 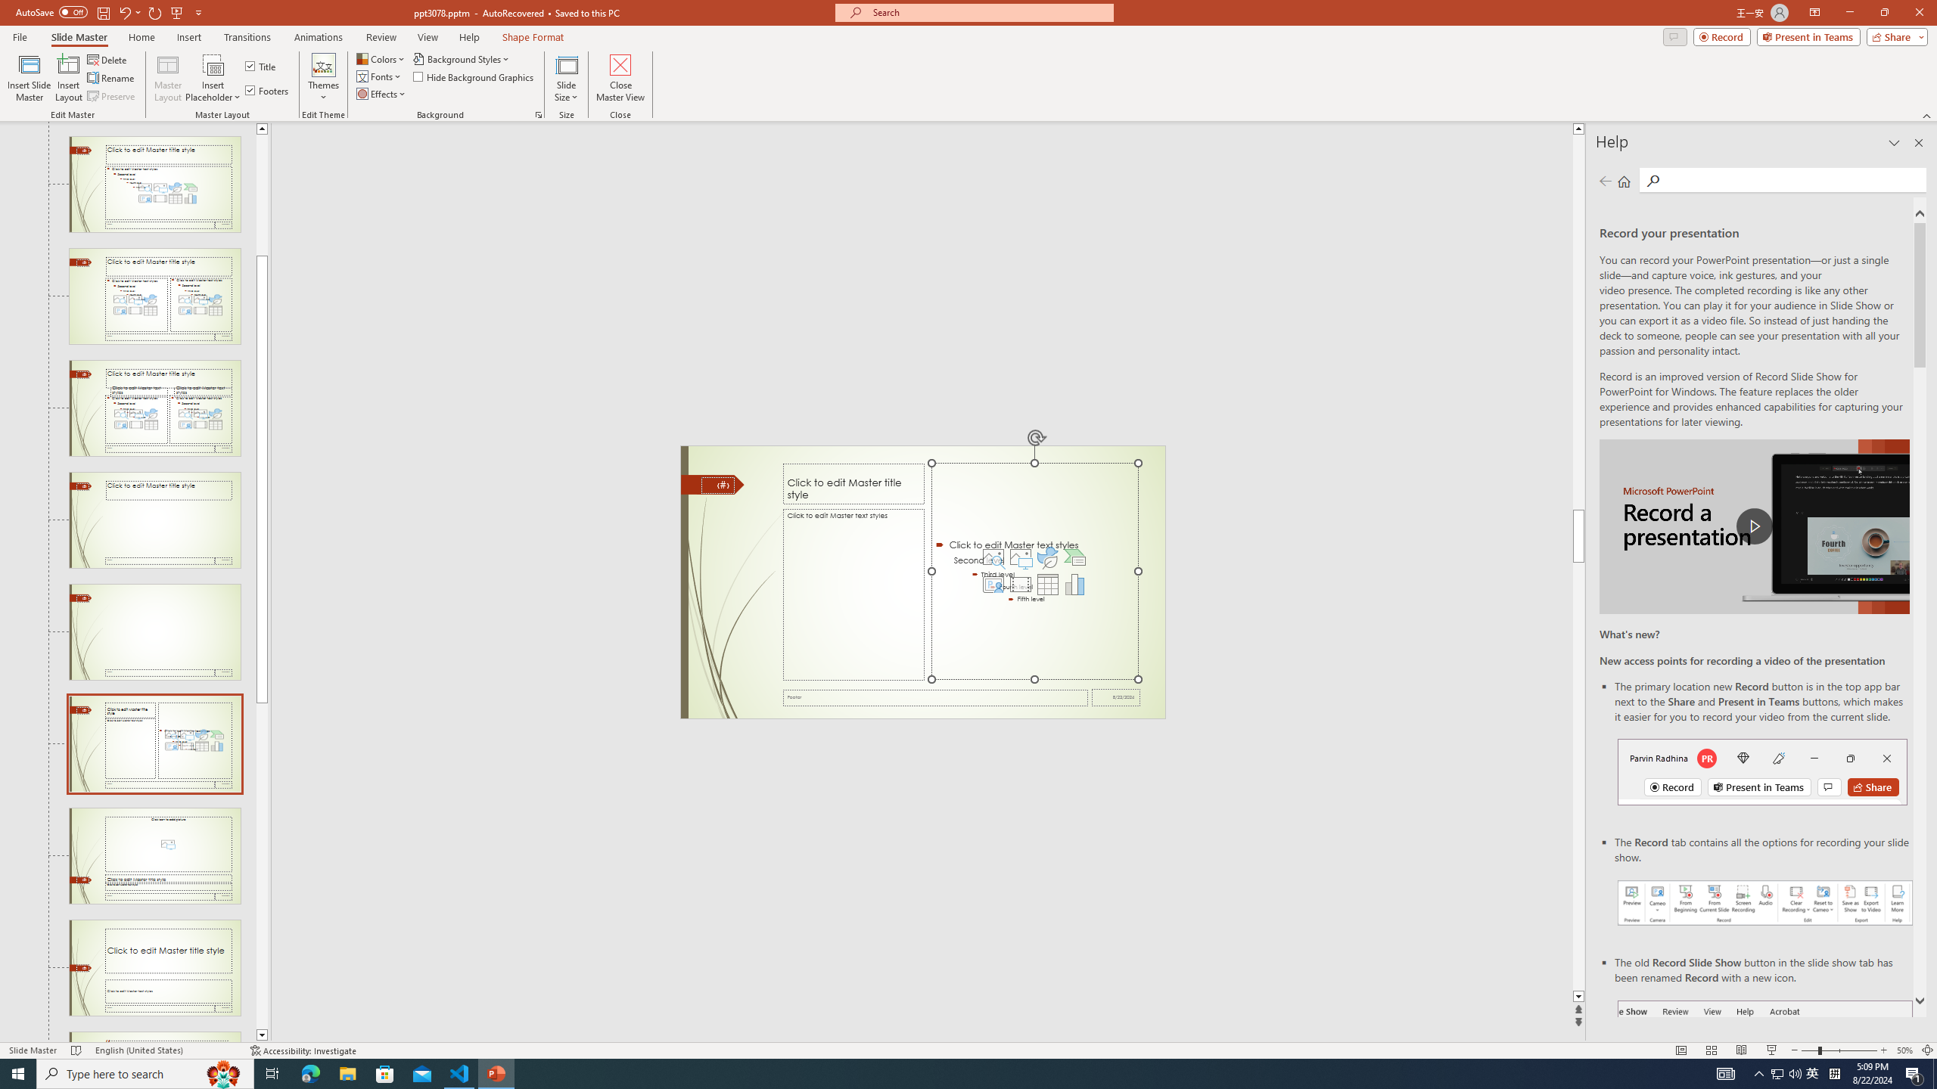 What do you see at coordinates (537, 113) in the screenshot?
I see `'Format Background...'` at bounding box center [537, 113].